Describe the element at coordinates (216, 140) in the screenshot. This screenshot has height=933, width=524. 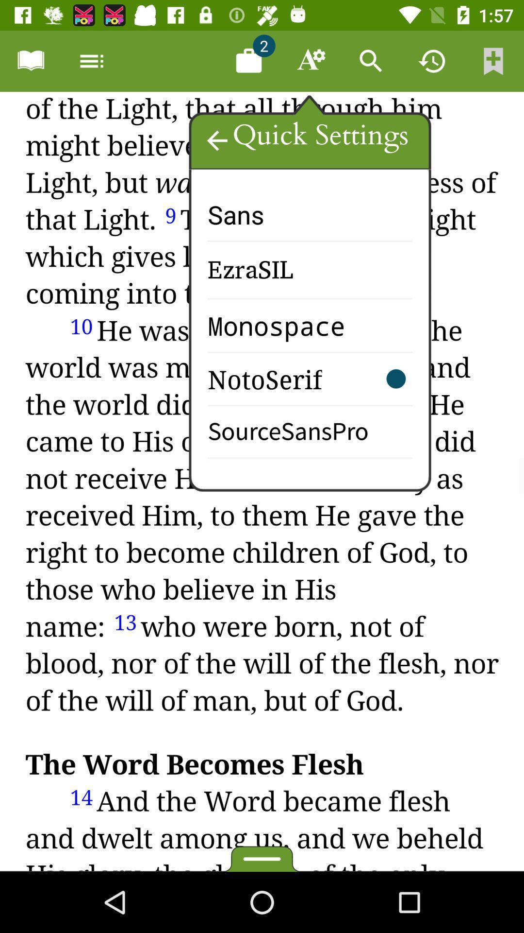
I see `the icon left to quick` at that location.